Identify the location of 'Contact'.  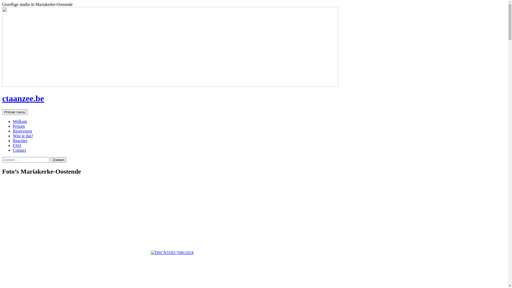
(19, 150).